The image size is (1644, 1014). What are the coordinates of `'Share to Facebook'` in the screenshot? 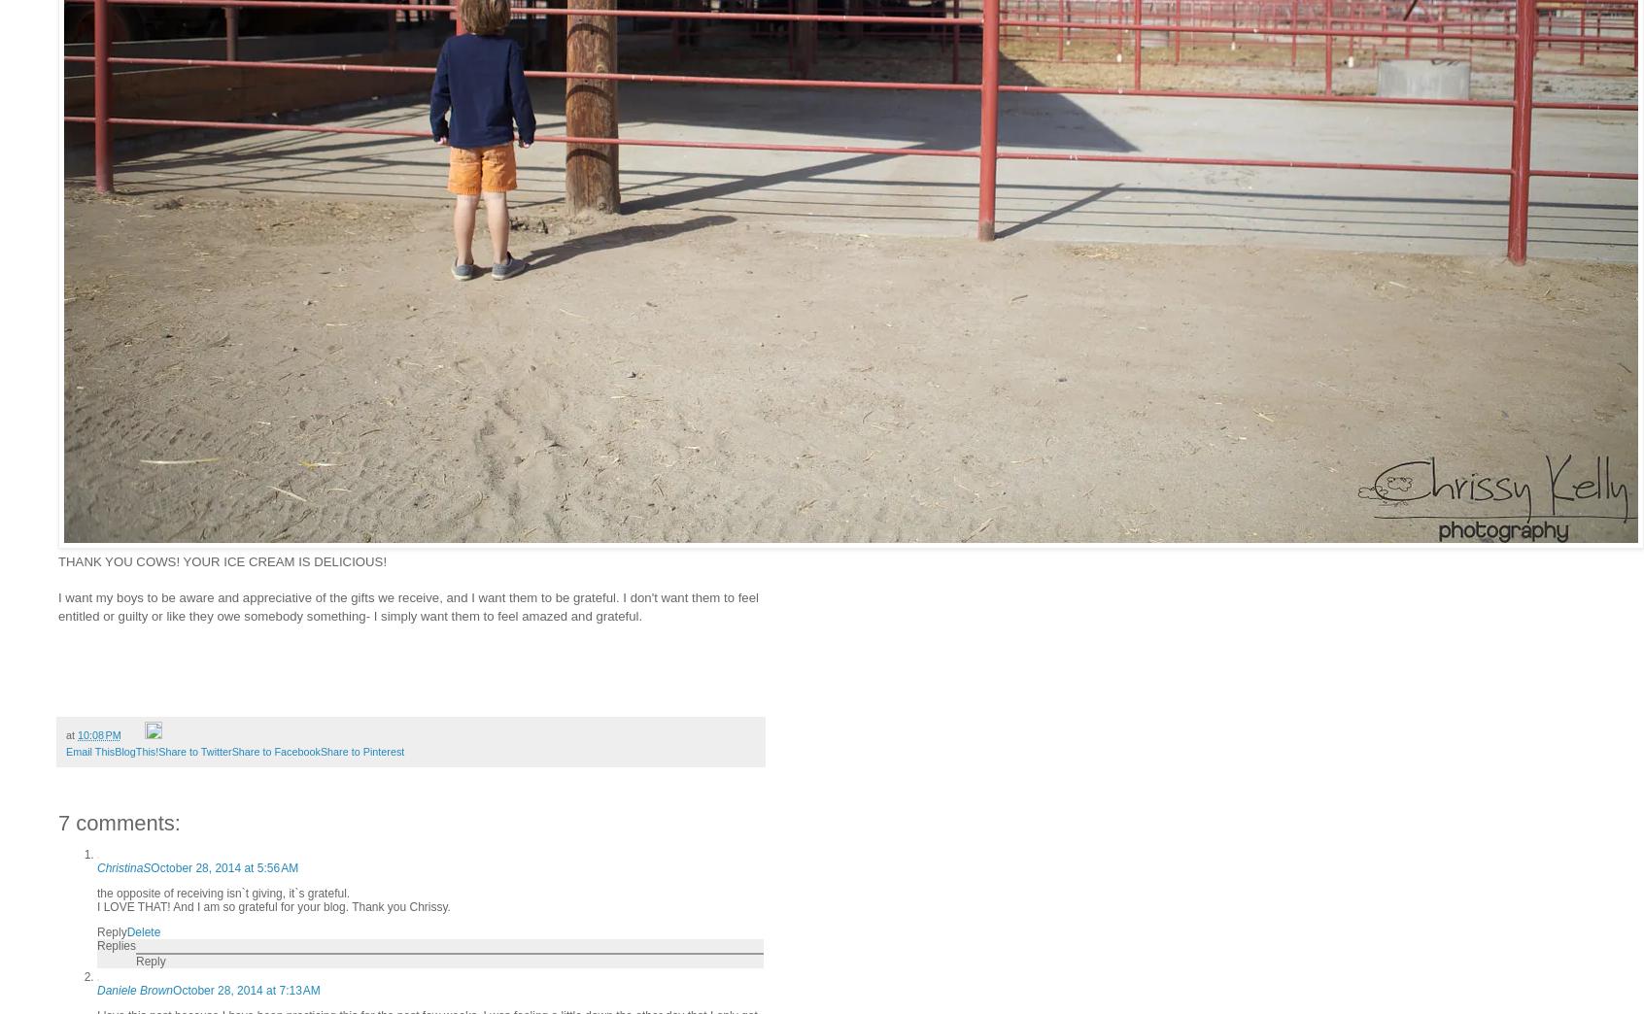 It's located at (274, 752).